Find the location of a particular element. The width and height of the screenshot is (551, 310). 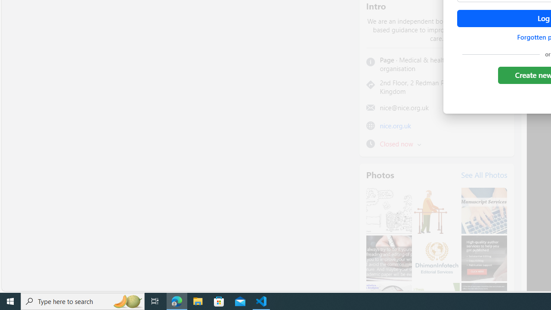

'File Explorer' is located at coordinates (198, 301).